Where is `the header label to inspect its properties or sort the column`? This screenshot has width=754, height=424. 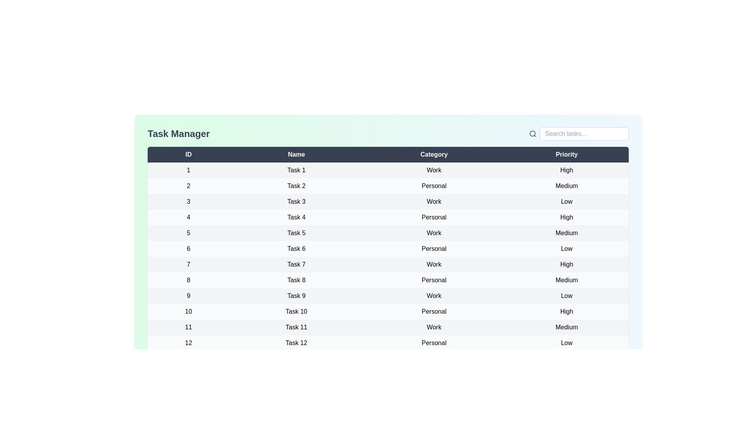 the header label to inspect its properties or sort the column is located at coordinates (188, 154).